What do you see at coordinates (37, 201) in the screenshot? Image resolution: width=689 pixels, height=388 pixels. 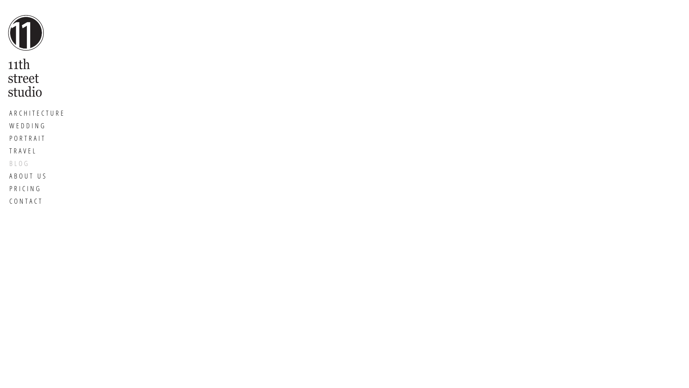 I see `'CONTACT'` at bounding box center [37, 201].